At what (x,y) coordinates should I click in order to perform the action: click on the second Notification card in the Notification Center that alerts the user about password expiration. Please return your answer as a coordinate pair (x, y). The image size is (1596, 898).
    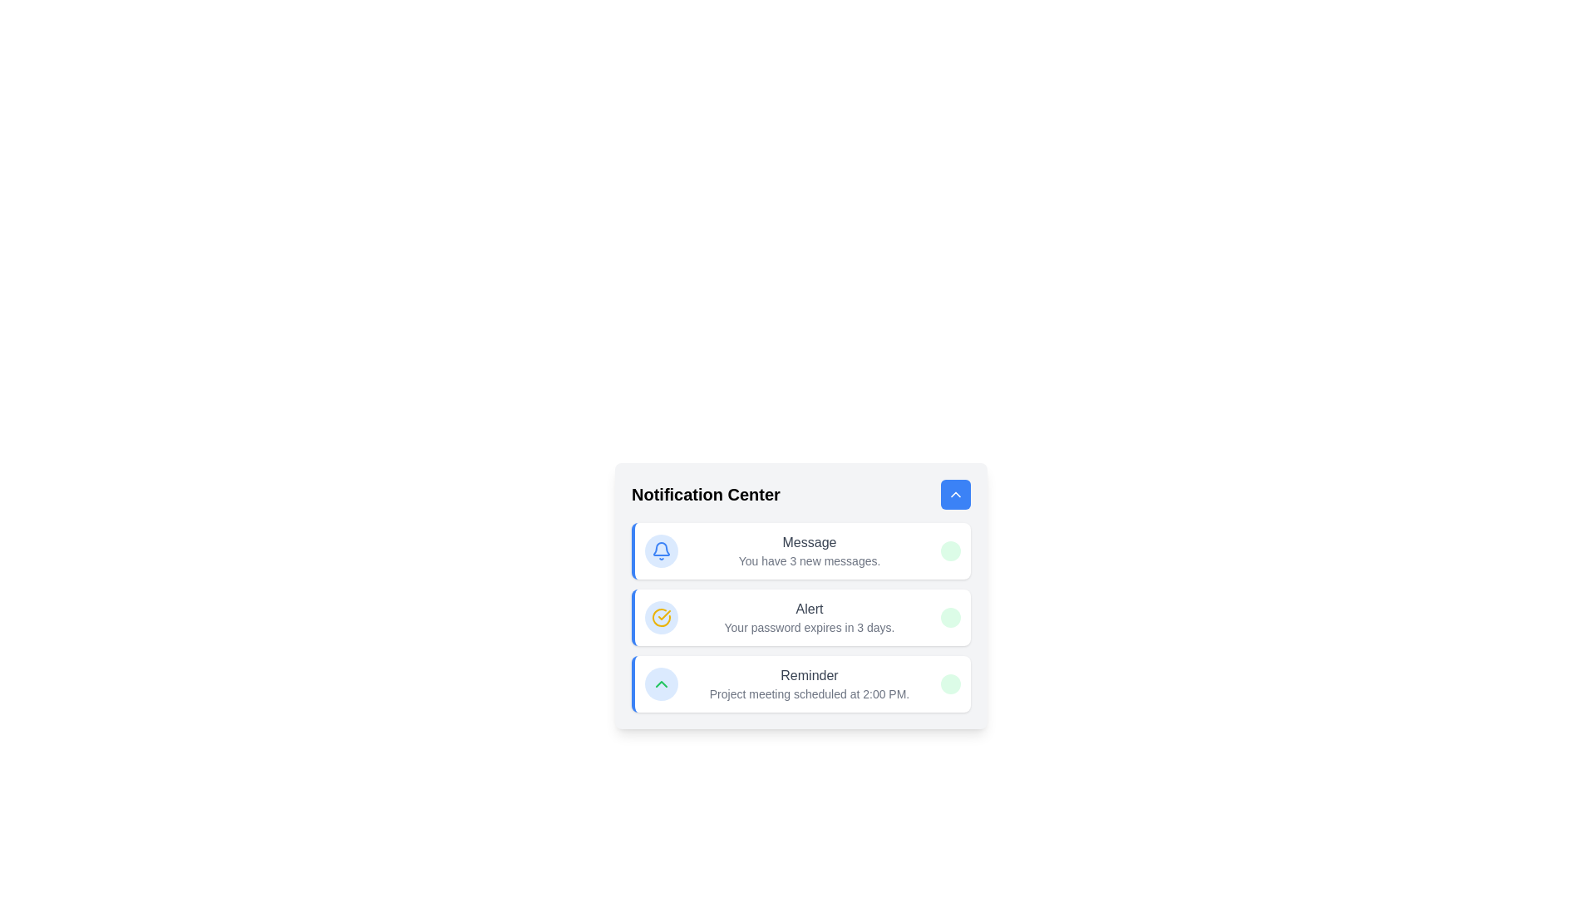
    Looking at the image, I should click on (801, 618).